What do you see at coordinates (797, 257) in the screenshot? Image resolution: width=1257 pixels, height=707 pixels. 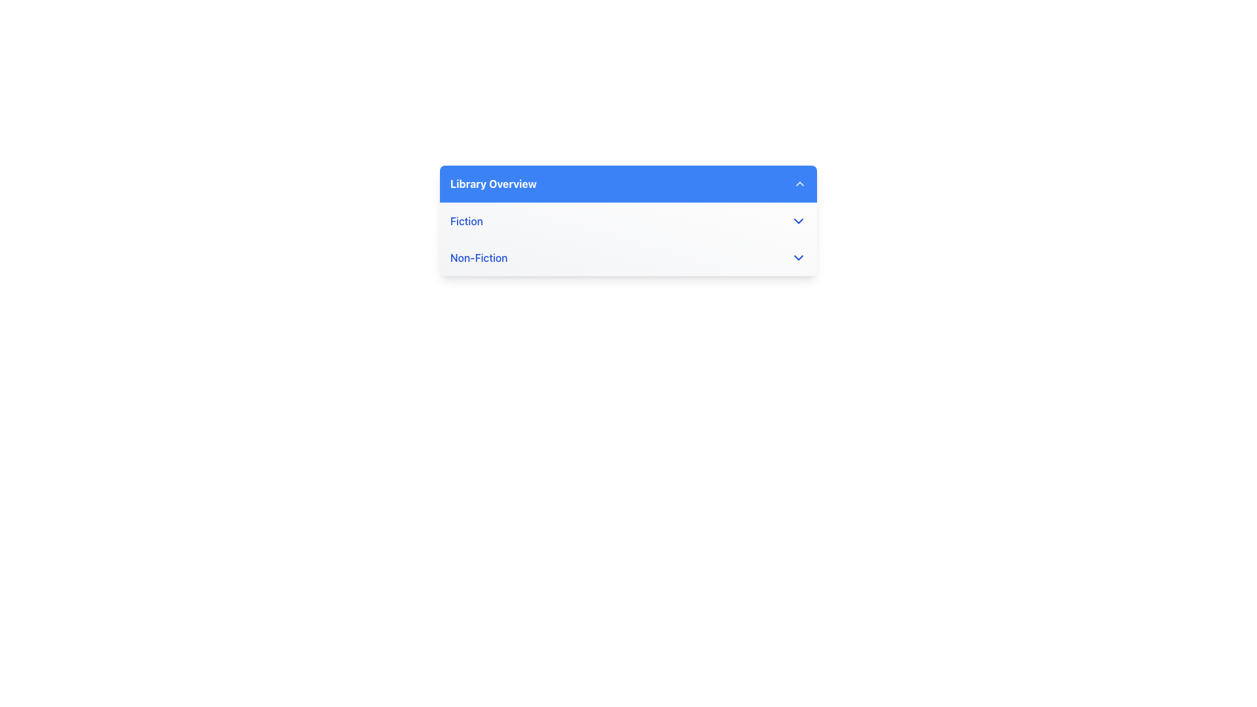 I see `the chevron icon indicating the dropdown for the 'Non-Fiction' section to provide visual feedback` at bounding box center [797, 257].